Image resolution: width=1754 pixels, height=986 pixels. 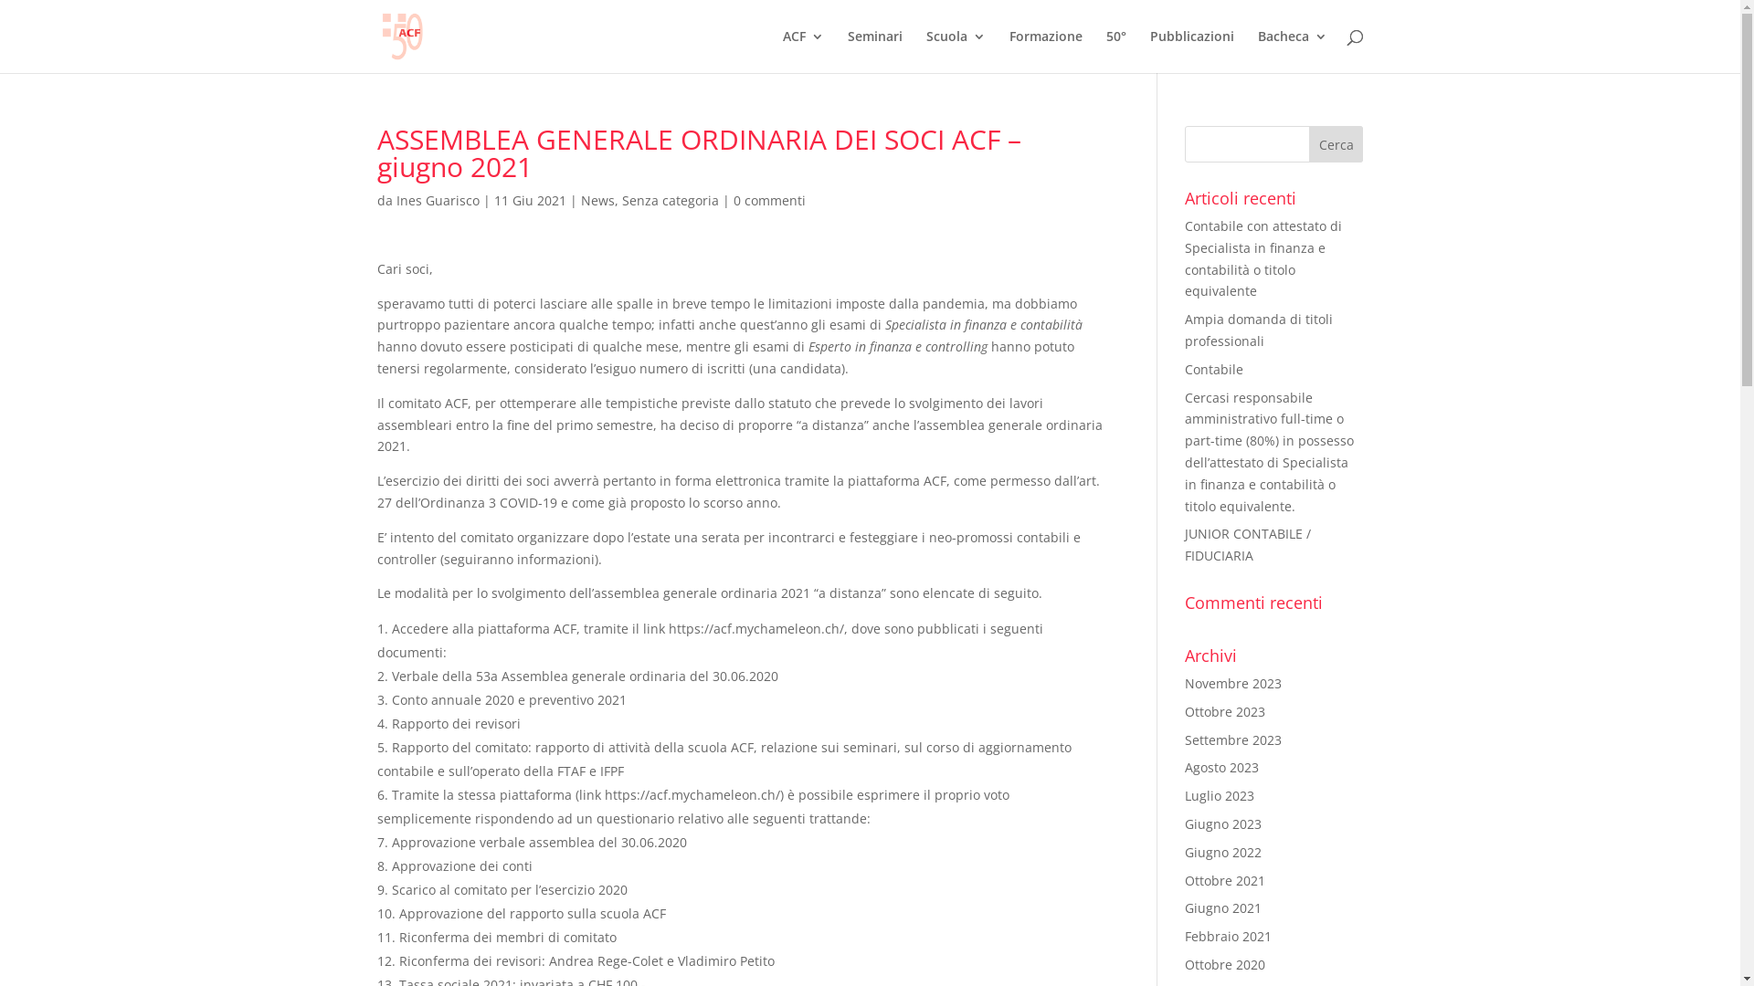 I want to click on 'Ottobre 2020', so click(x=1224, y=963).